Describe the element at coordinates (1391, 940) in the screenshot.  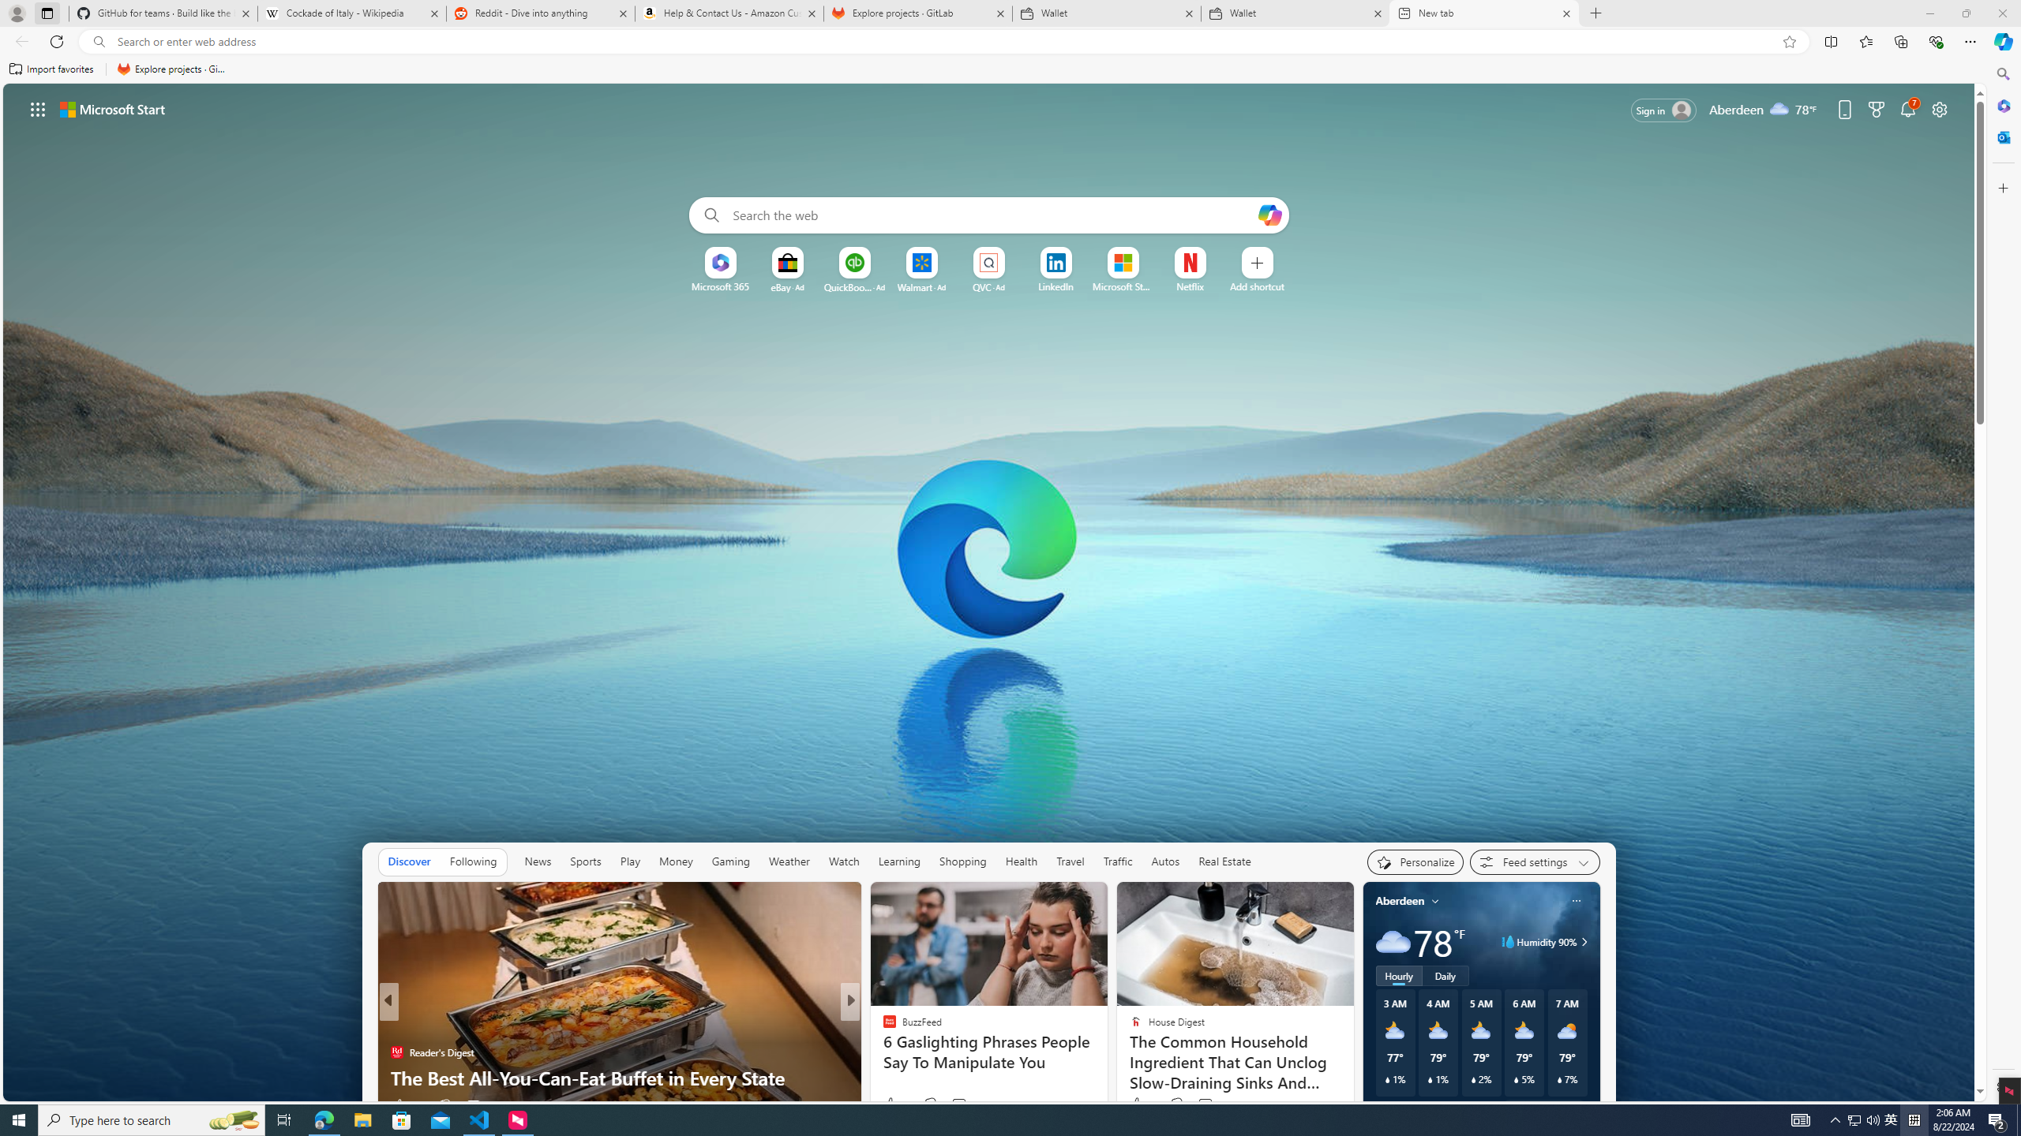
I see `'Cloudy'` at that location.